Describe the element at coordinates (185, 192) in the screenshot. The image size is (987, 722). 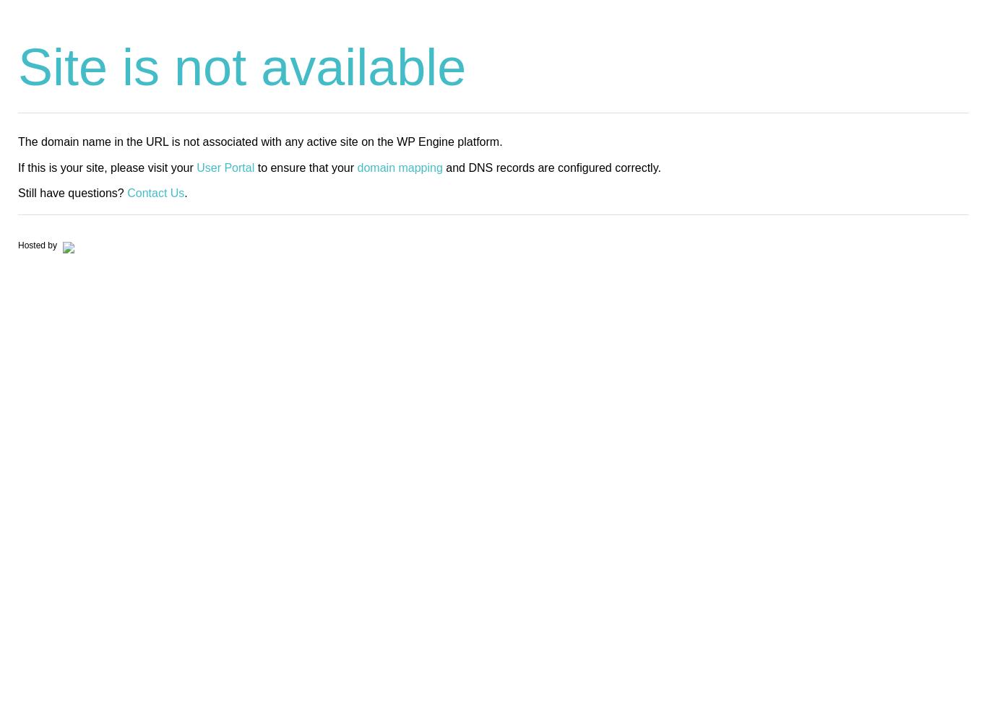
I see `'.'` at that location.